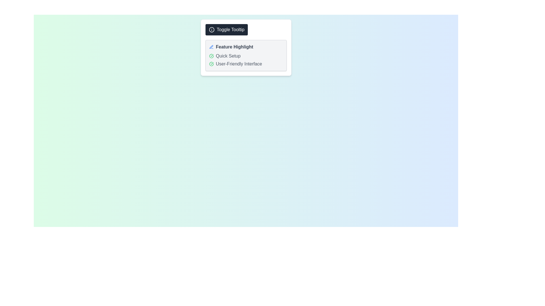 This screenshot has height=306, width=545. What do you see at coordinates (211, 46) in the screenshot?
I see `the 'Feature Highlight' icon located in the upper-left section of the card component, which includes a pen-like icon and bold text` at bounding box center [211, 46].